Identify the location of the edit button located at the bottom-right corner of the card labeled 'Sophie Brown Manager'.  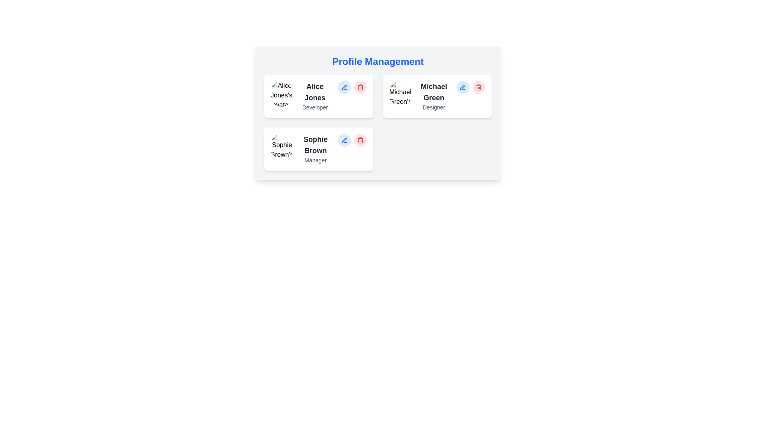
(344, 140).